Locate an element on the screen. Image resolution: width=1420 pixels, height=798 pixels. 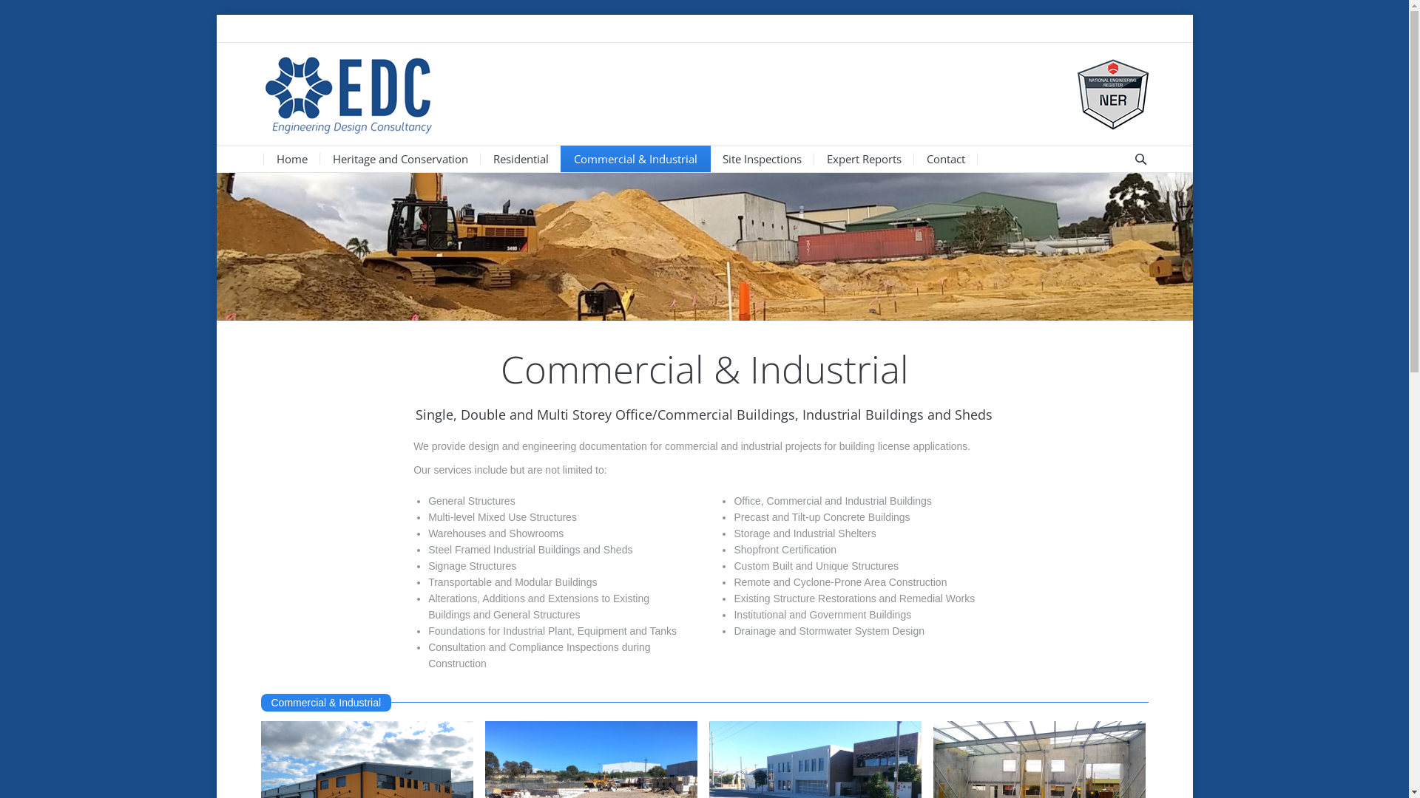
'Home' is located at coordinates (263, 159).